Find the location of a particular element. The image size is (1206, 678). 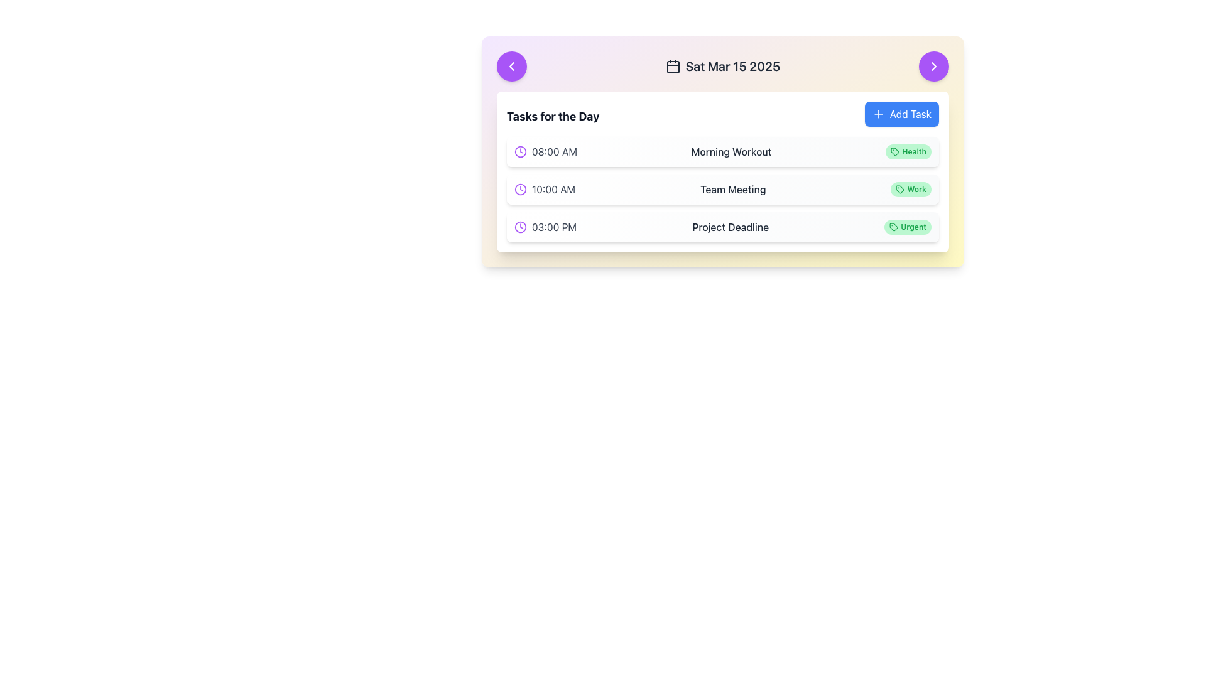

the third task card in the 'Tasks for the Day' panel is located at coordinates (723, 227).